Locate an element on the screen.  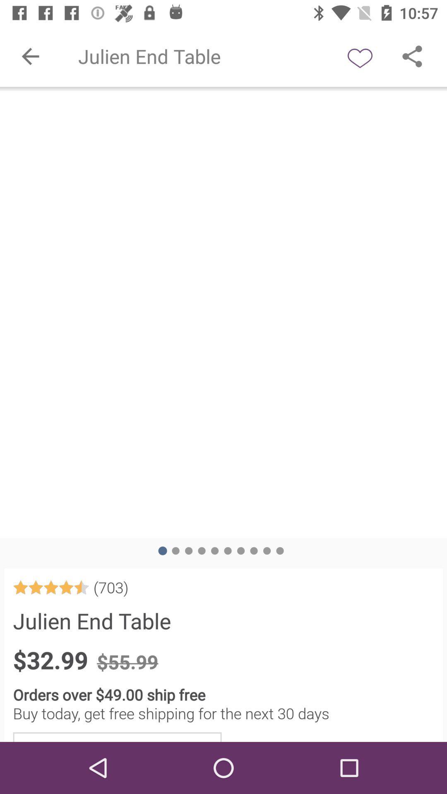
shre is located at coordinates (412, 56).